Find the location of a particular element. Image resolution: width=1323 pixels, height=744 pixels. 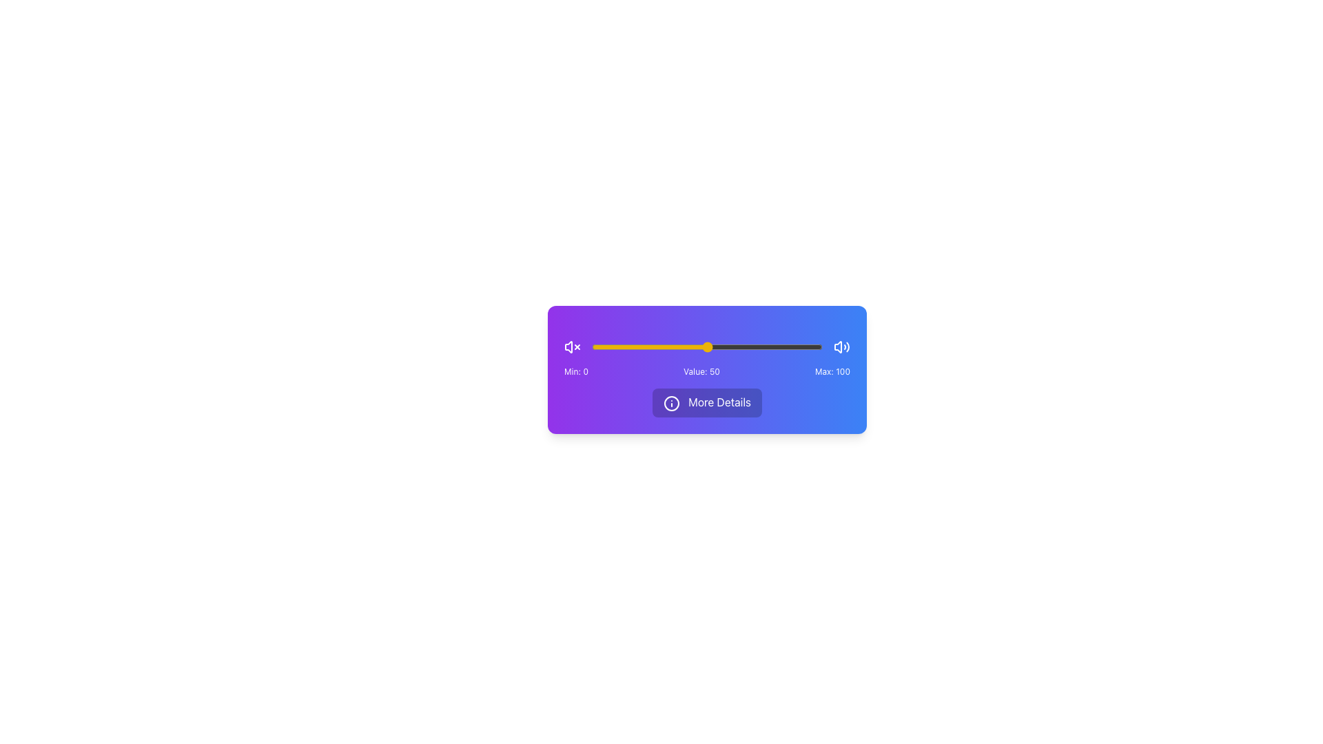

the slider value is located at coordinates (646, 347).